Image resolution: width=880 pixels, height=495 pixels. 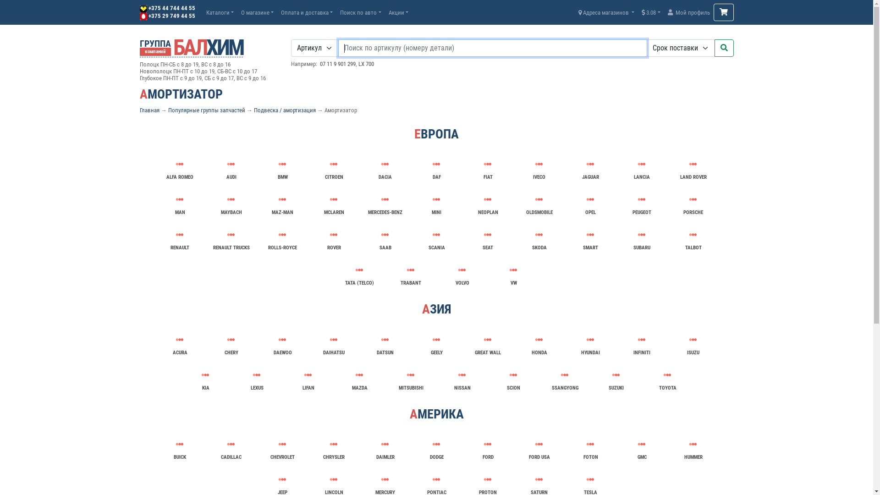 I want to click on 'CITROEN', so click(x=333, y=164).